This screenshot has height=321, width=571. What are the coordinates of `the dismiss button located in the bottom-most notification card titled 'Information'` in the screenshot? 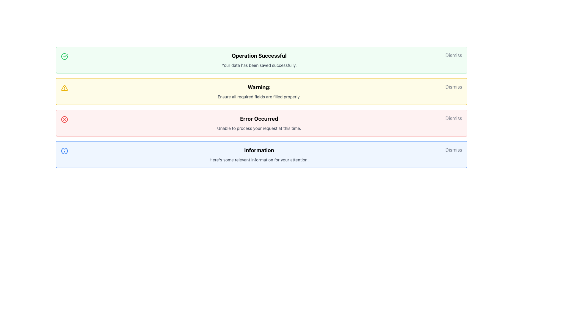 It's located at (453, 150).